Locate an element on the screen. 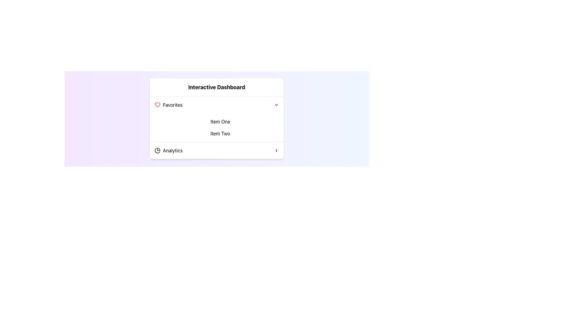  the analytics navigation button located at the bottom of the list is located at coordinates (216, 150).